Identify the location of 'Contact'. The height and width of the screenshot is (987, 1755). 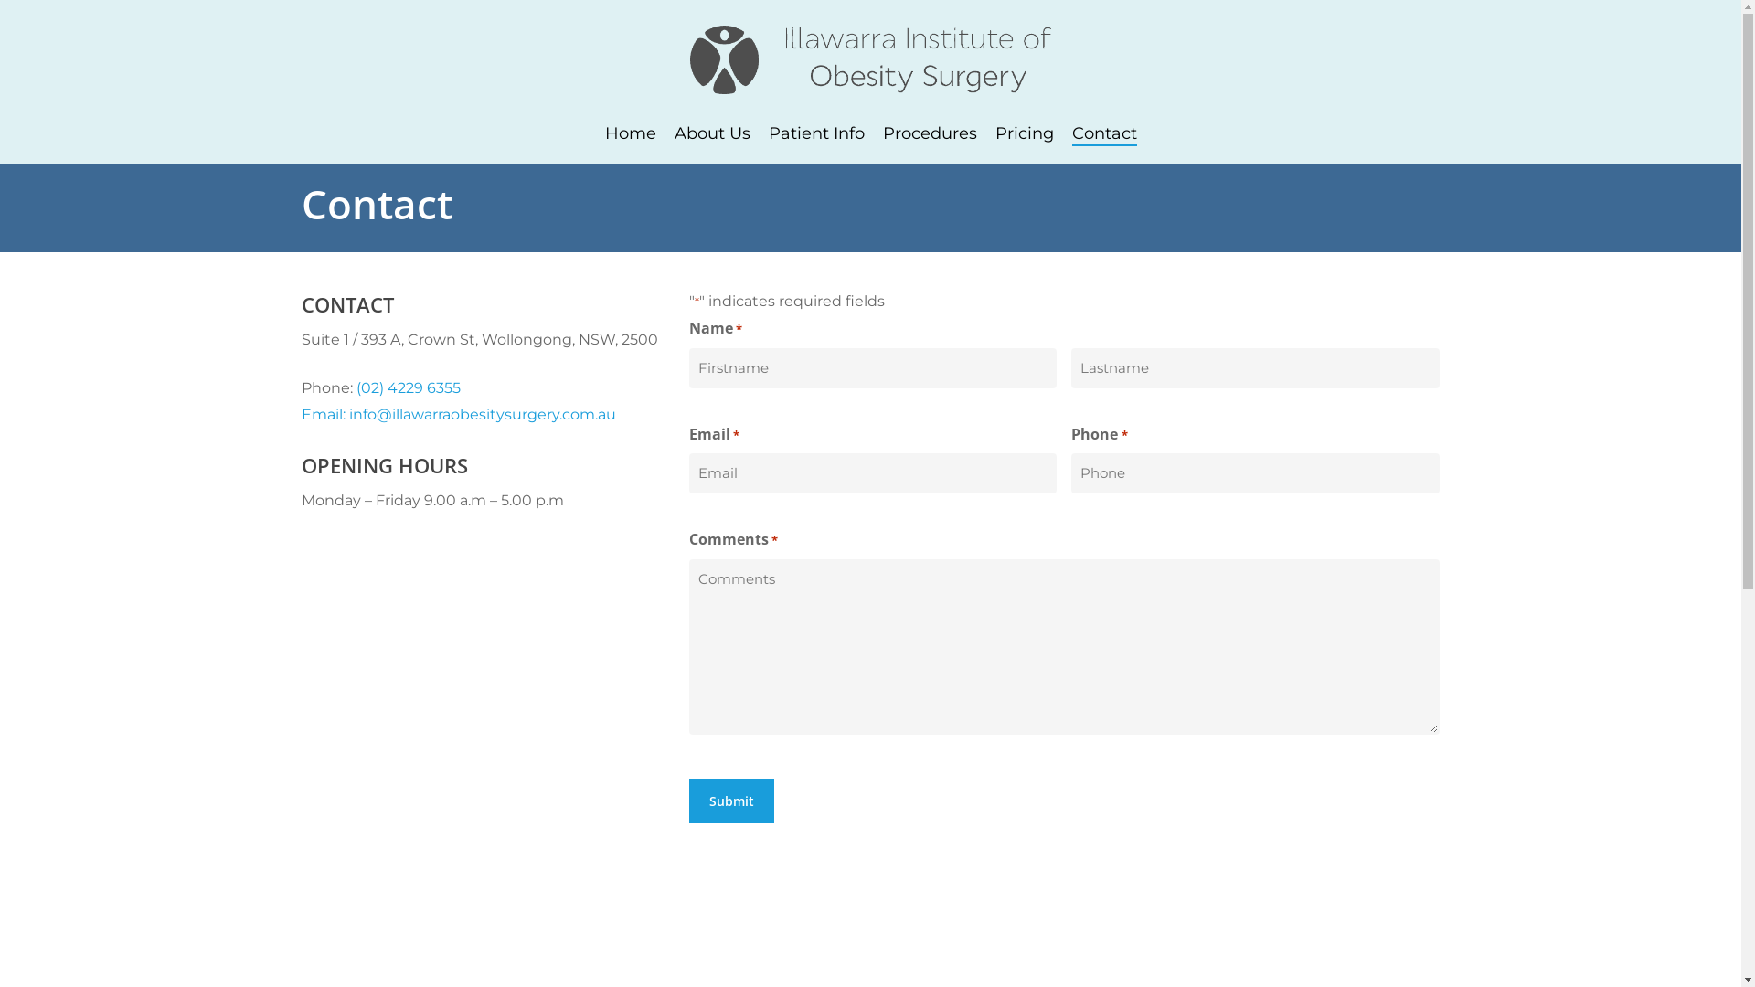
(1102, 133).